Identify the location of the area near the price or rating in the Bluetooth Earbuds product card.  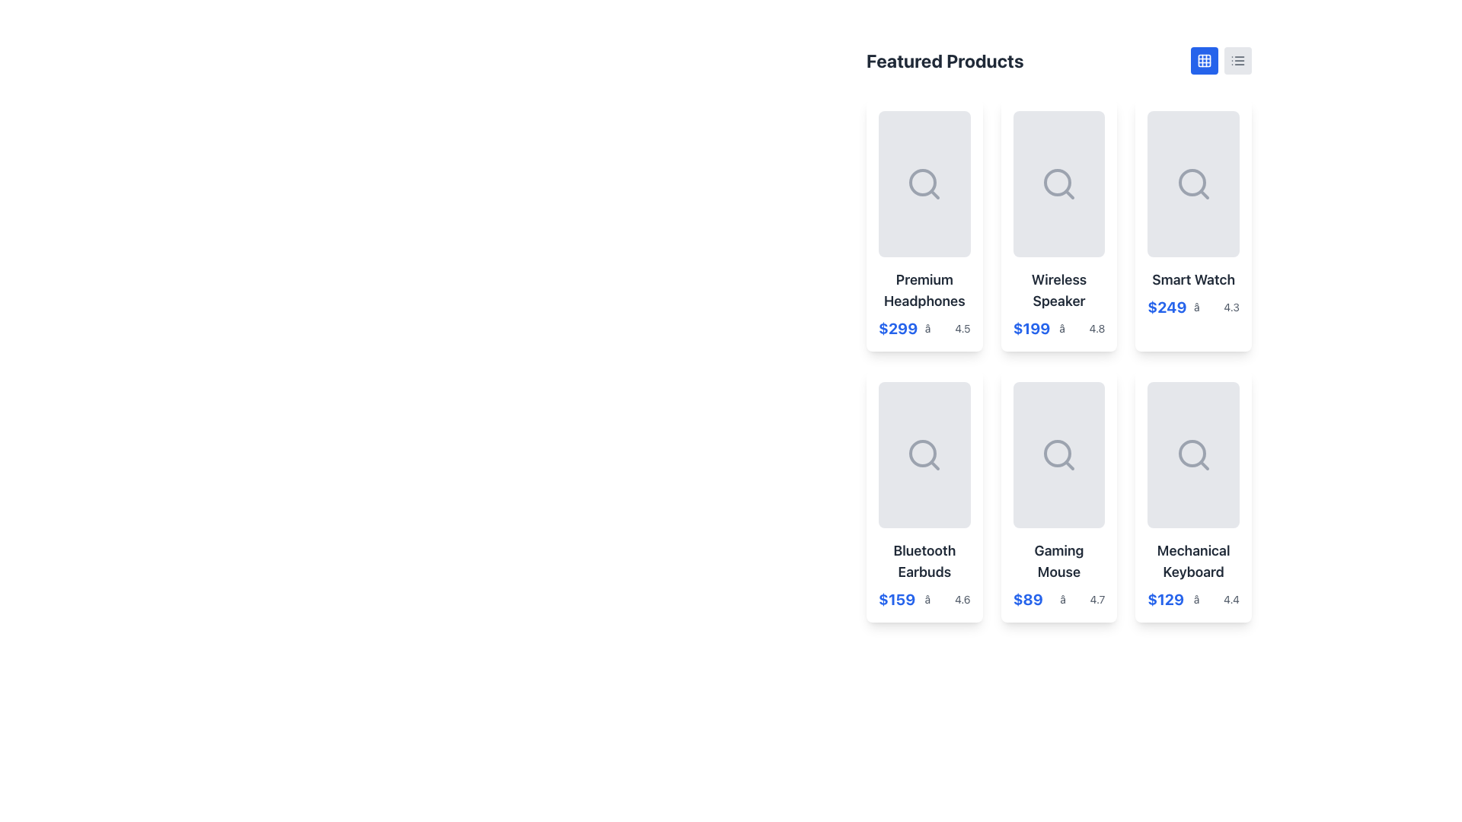
(924, 598).